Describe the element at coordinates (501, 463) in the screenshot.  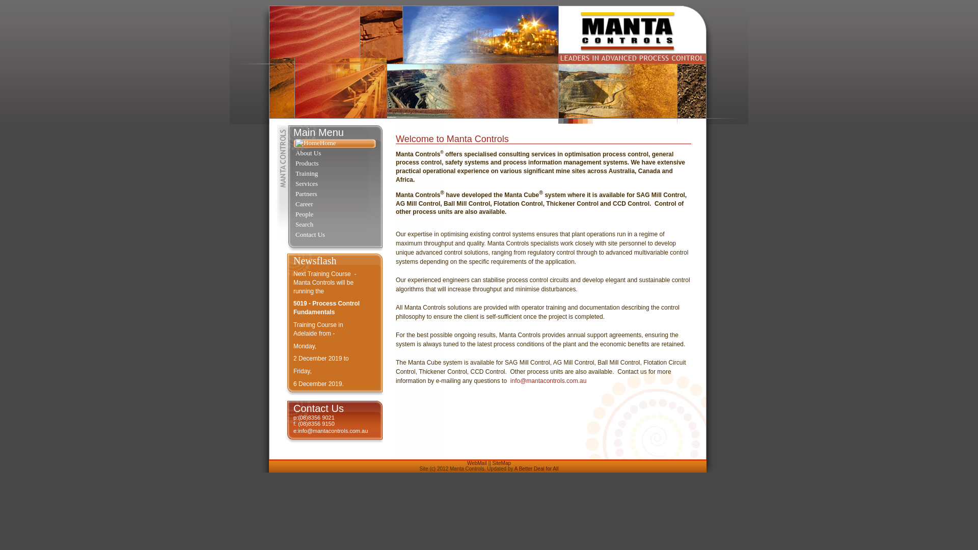
I see `'SiteMap'` at that location.